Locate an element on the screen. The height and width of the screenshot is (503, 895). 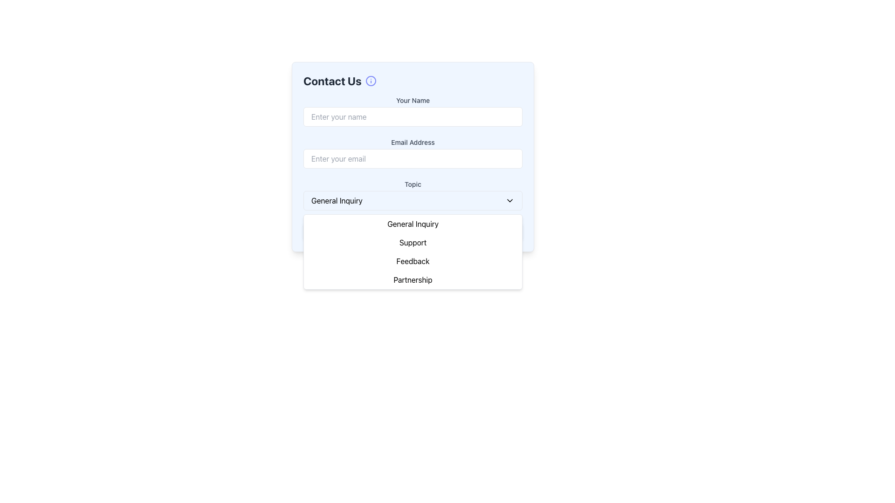
the Text Label that indicates the purpose of the associated dropdown menu located above the dropdown in the 'Topic' section is located at coordinates (413, 184).